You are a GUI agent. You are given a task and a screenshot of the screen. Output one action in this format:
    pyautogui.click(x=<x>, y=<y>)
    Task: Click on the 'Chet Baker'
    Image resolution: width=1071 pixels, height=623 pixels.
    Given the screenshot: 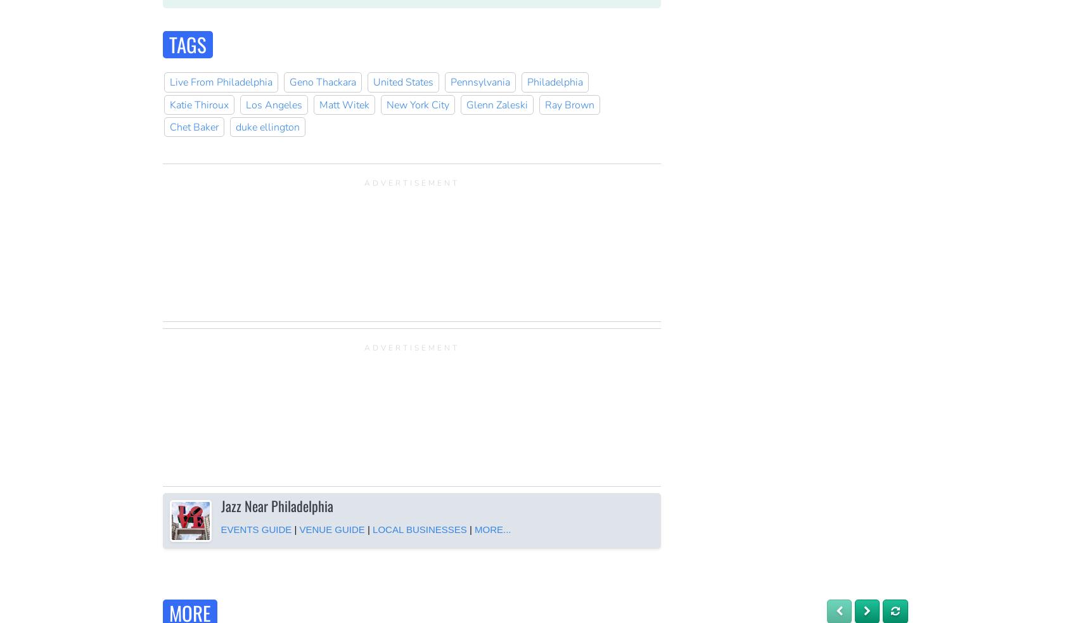 What is the action you would take?
    pyautogui.click(x=193, y=127)
    